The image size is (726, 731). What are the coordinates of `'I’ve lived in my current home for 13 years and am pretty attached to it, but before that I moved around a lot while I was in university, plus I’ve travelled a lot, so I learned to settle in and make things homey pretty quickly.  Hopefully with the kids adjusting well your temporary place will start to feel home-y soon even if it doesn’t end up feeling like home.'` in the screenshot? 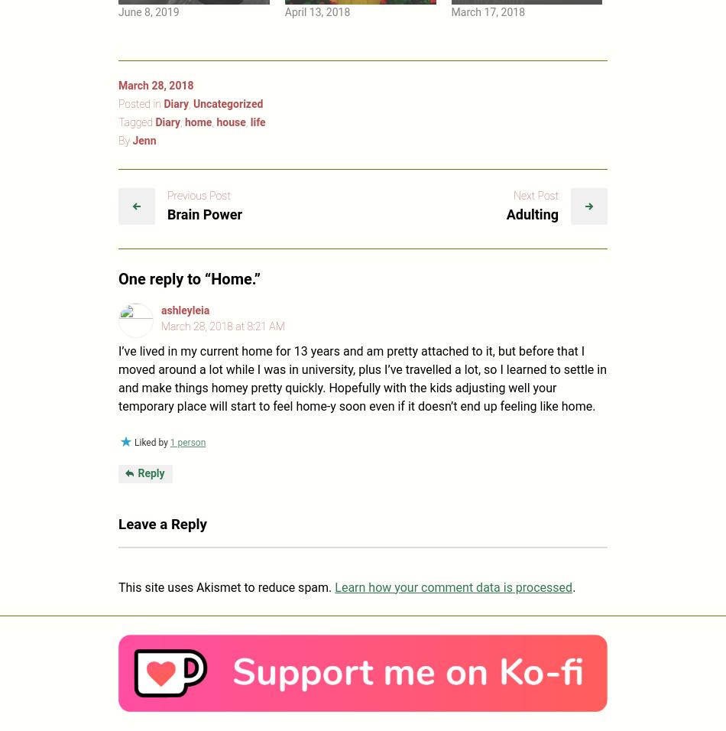 It's located at (118, 378).